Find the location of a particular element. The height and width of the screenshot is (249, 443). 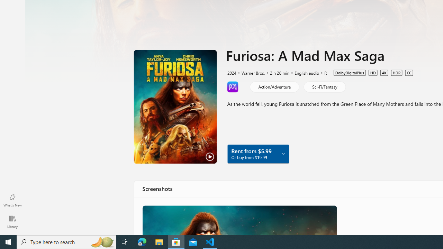

'Rent from $5.99 Or buy from $19.99' is located at coordinates (257, 153).